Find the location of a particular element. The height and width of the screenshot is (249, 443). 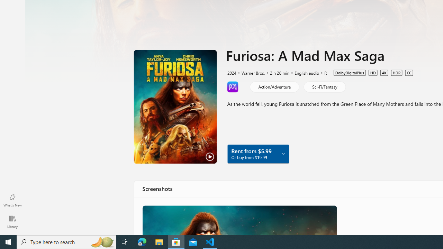

'Rent from $5.99 Or buy from $19.99' is located at coordinates (257, 153).